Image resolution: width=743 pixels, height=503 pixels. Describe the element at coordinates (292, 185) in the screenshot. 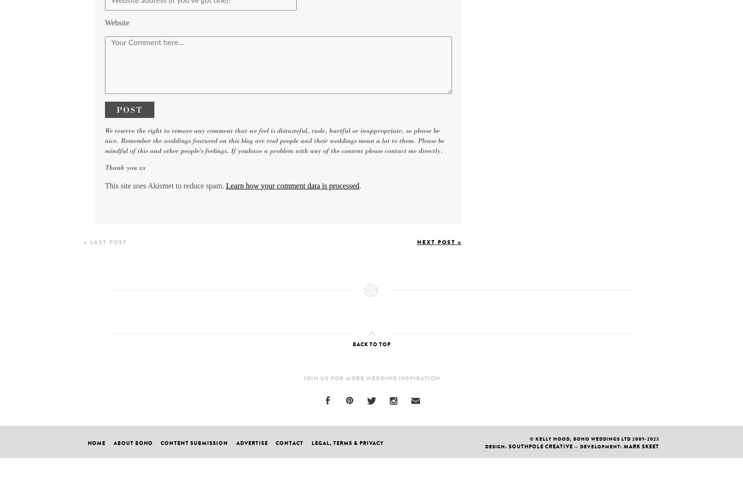

I see `'Learn how your comment data is processed'` at that location.